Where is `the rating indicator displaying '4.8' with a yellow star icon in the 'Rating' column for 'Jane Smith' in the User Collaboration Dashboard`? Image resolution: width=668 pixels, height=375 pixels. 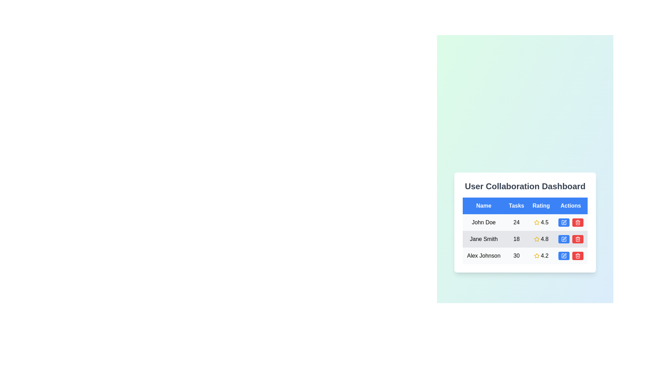 the rating indicator displaying '4.8' with a yellow star icon in the 'Rating' column for 'Jane Smith' in the User Collaboration Dashboard is located at coordinates (541, 239).